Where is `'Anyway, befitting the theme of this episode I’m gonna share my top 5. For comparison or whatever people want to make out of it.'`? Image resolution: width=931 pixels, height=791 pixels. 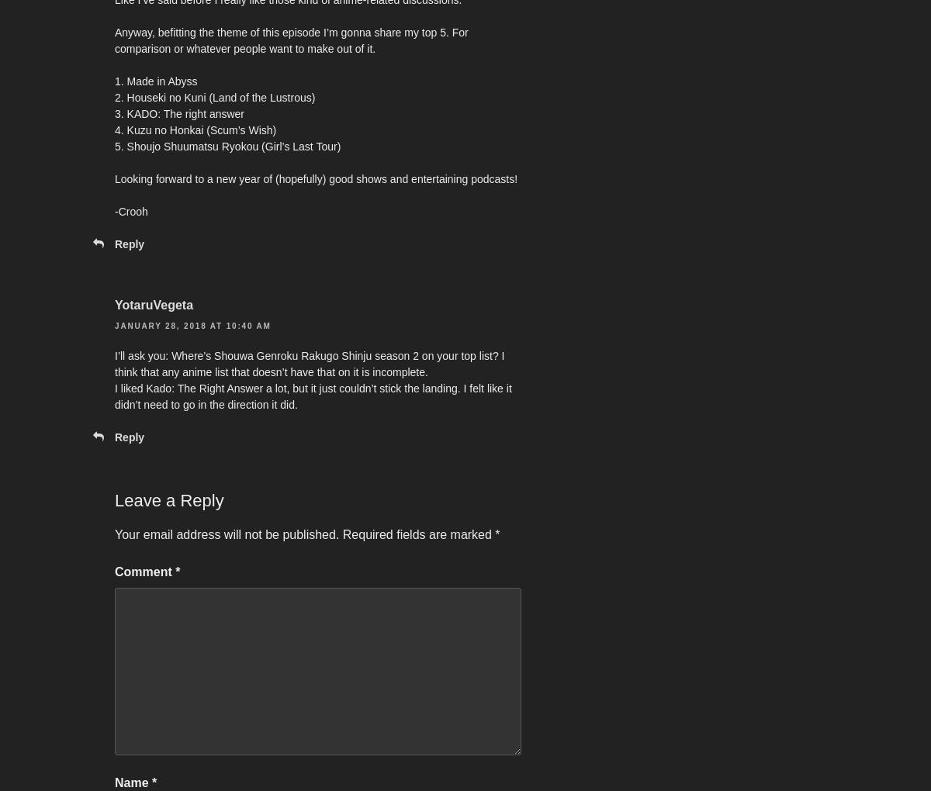
'Anyway, befitting the theme of this episode I’m gonna share my top 5. For comparison or whatever people want to make out of it.' is located at coordinates (291, 40).